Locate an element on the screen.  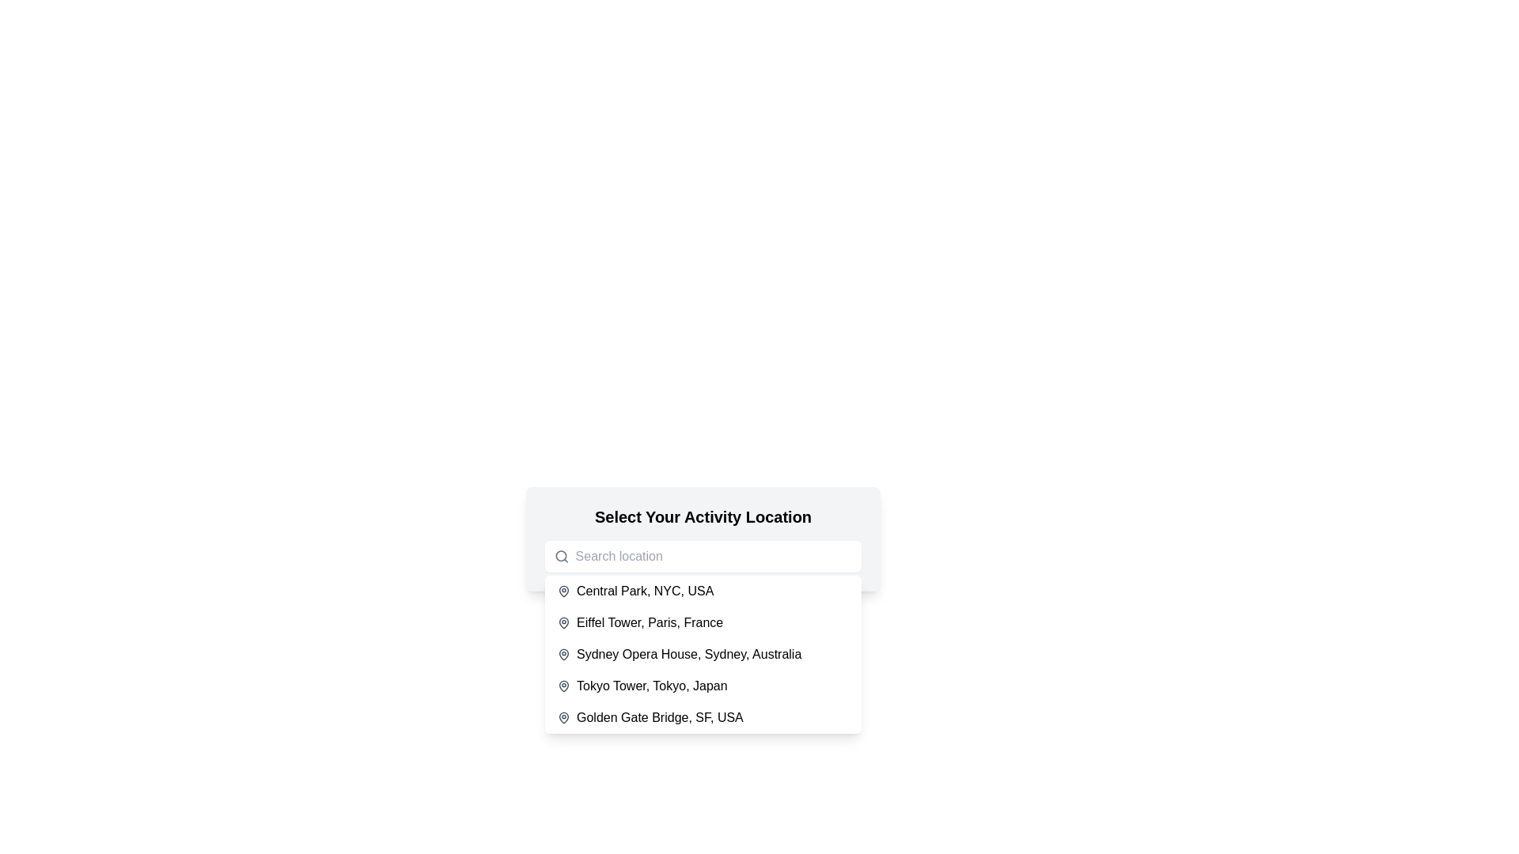
the dropdown menu entry with a white background and location names is located at coordinates (702, 655).